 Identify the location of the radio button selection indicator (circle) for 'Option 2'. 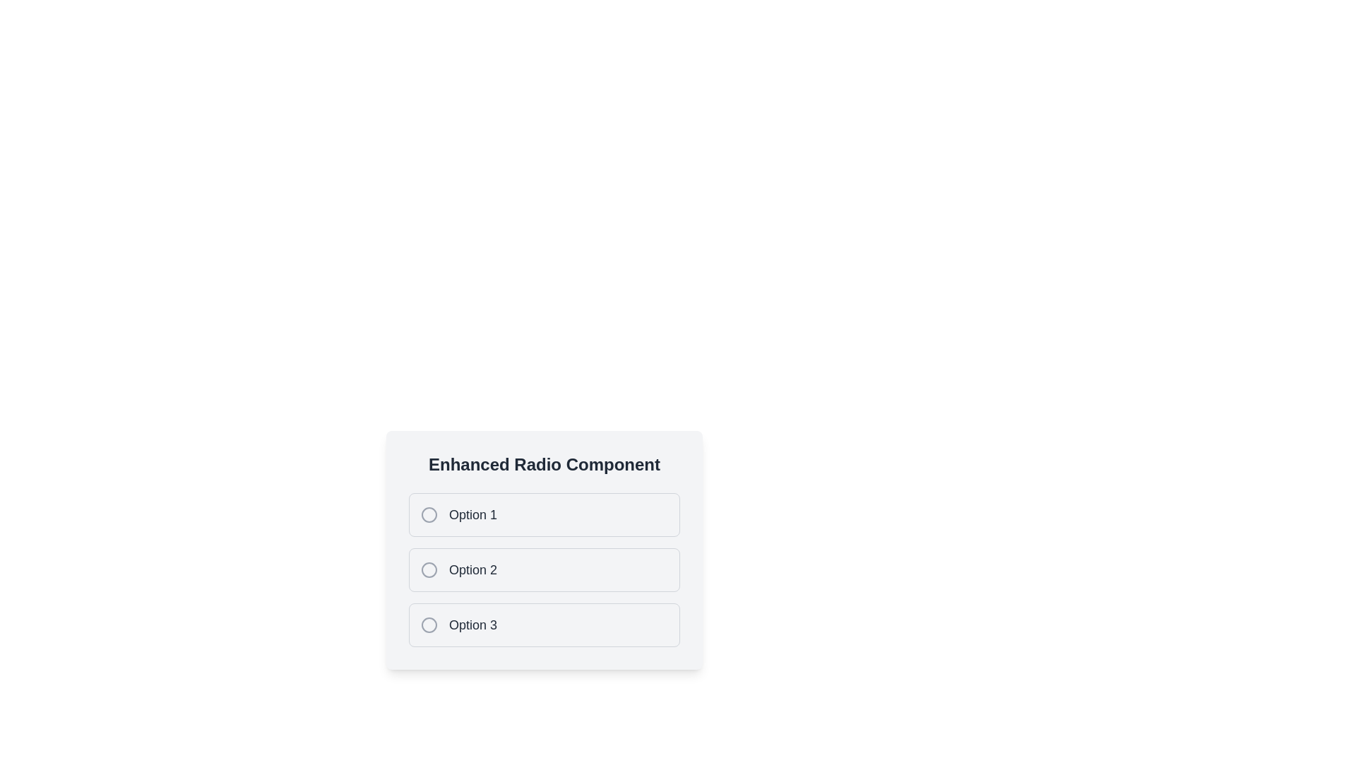
(429, 569).